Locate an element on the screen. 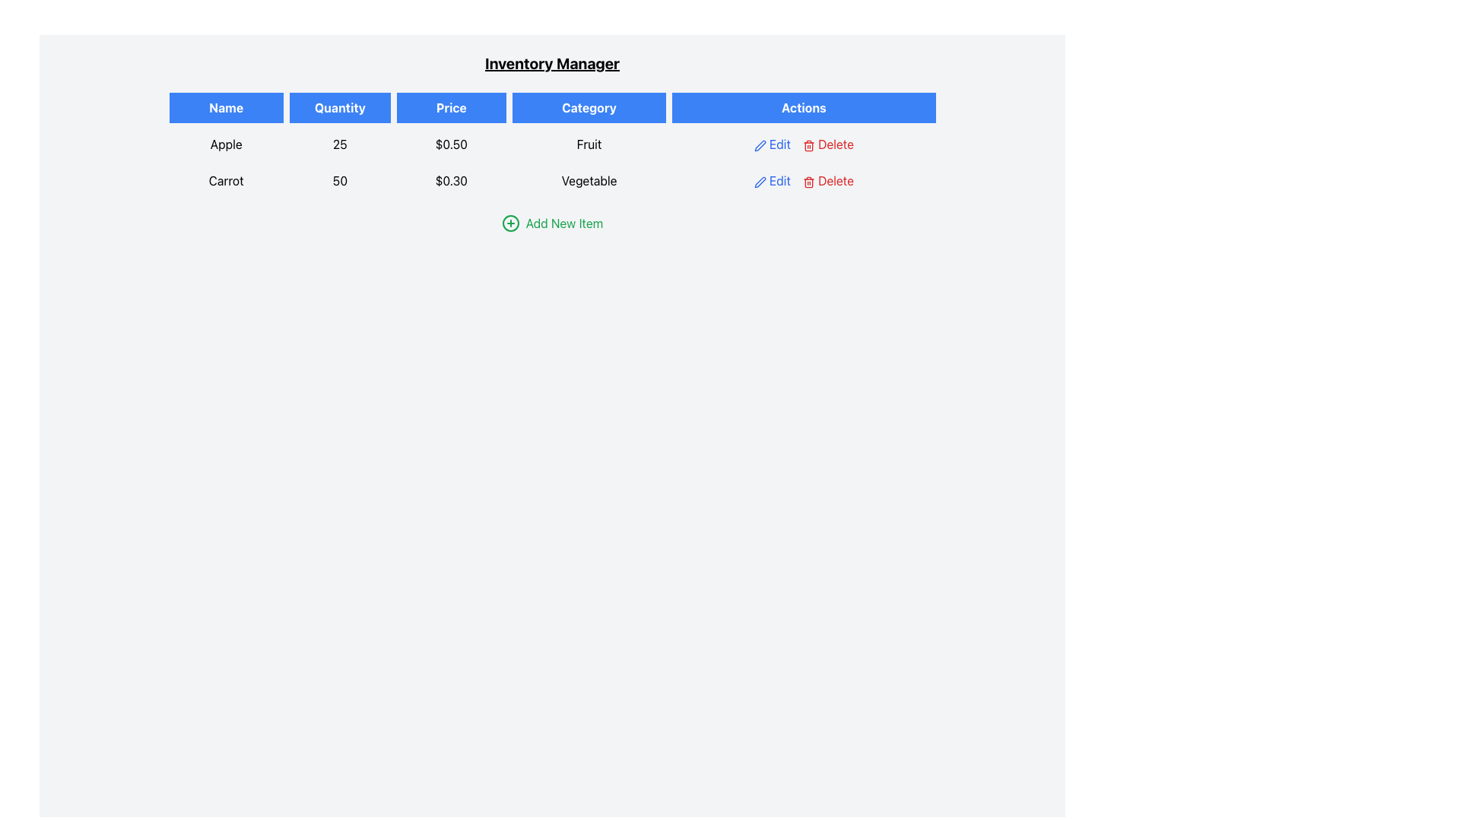  the 'Name' text label element, which has a blue background and white text, located at the top-left corner of the layout in a header row of a table is located at coordinates (225, 107).